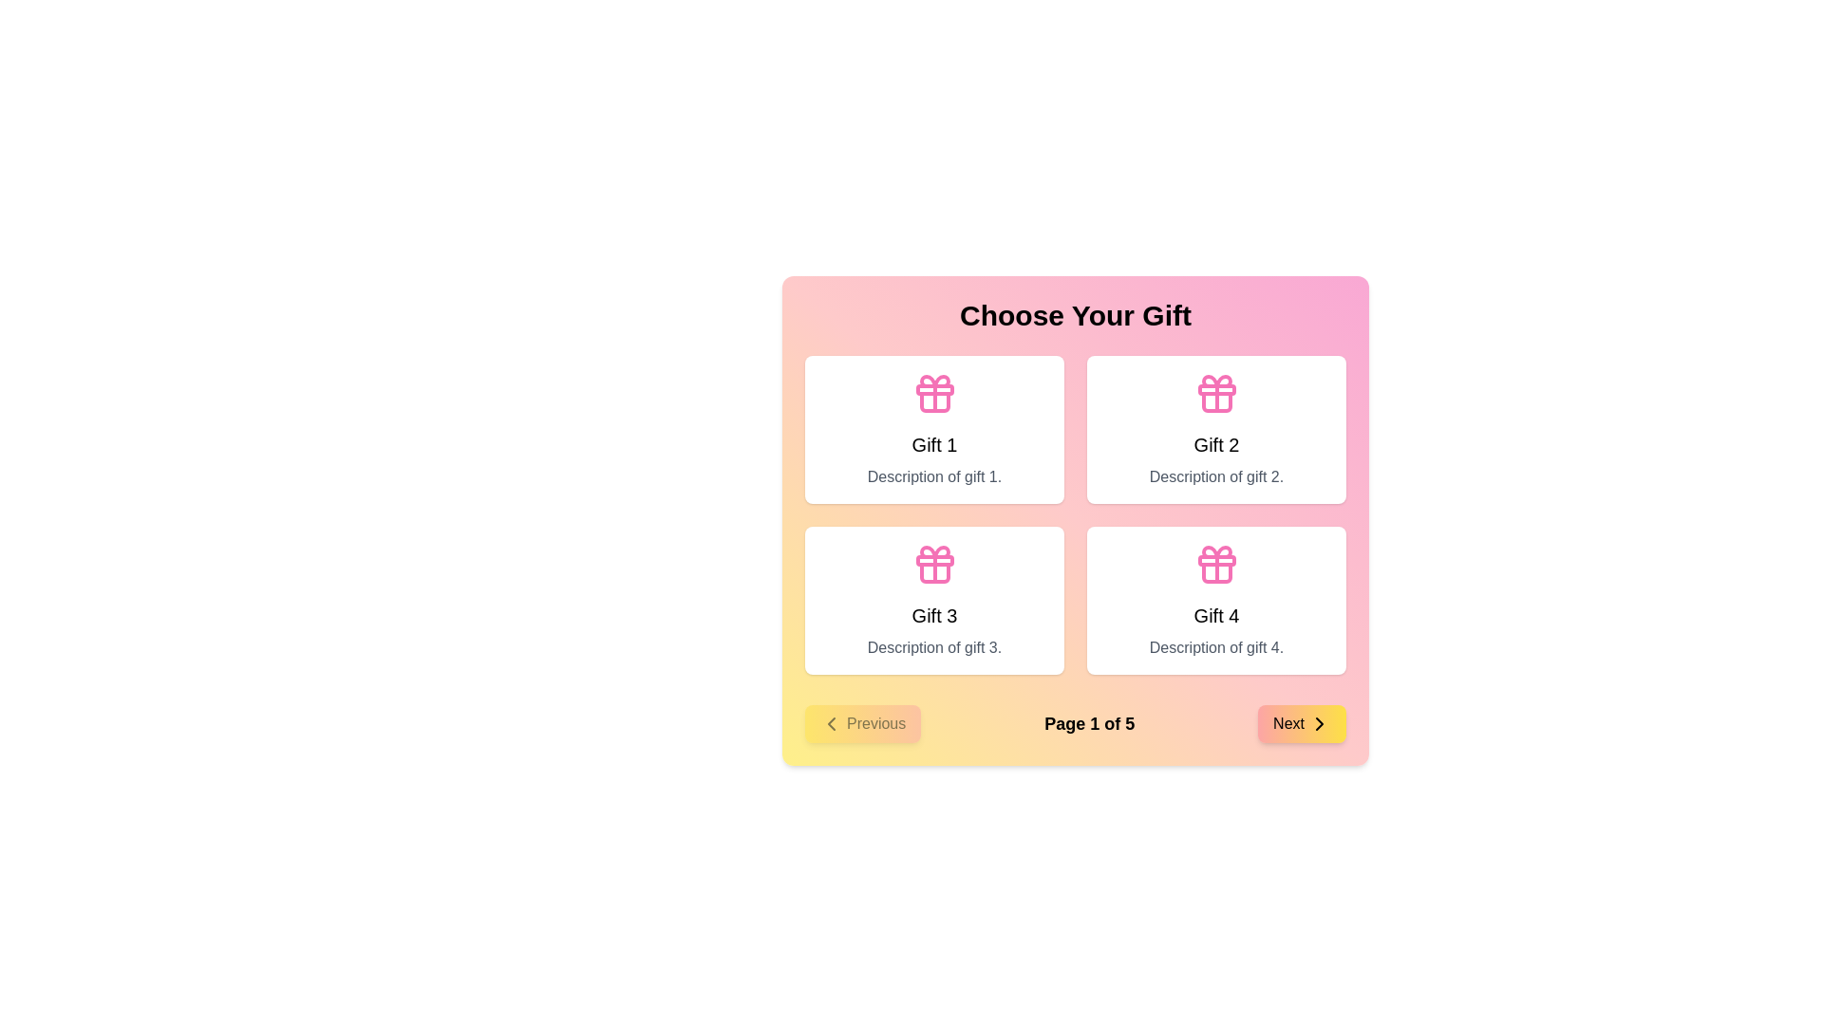  Describe the element at coordinates (1301, 724) in the screenshot. I see `the button located at the bottom right corner of the navigation controls` at that location.